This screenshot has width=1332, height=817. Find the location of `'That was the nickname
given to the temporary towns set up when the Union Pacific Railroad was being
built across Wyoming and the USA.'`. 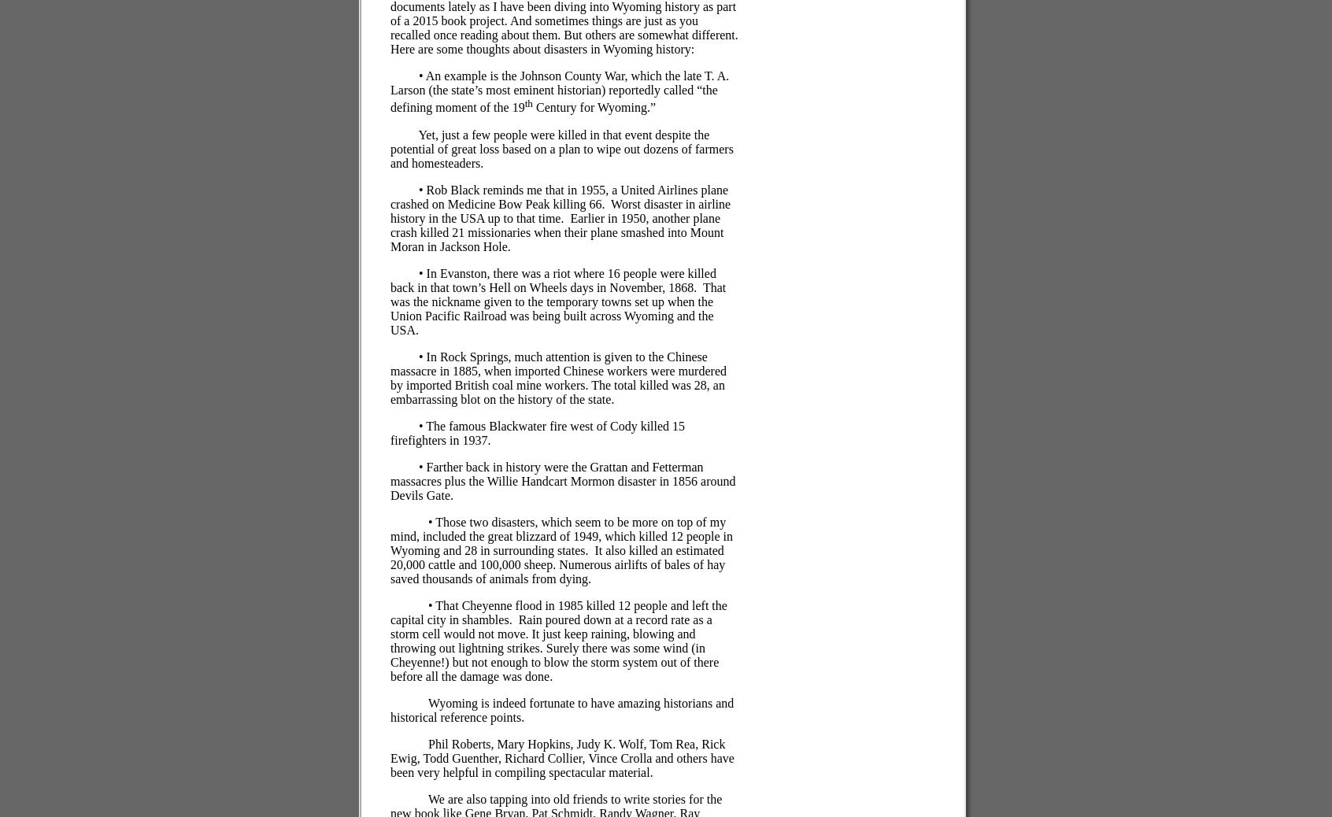

'That was the nickname
given to the temporary towns set up when the Union Pacific Railroad was being
built across Wyoming and the USA.' is located at coordinates (557, 308).